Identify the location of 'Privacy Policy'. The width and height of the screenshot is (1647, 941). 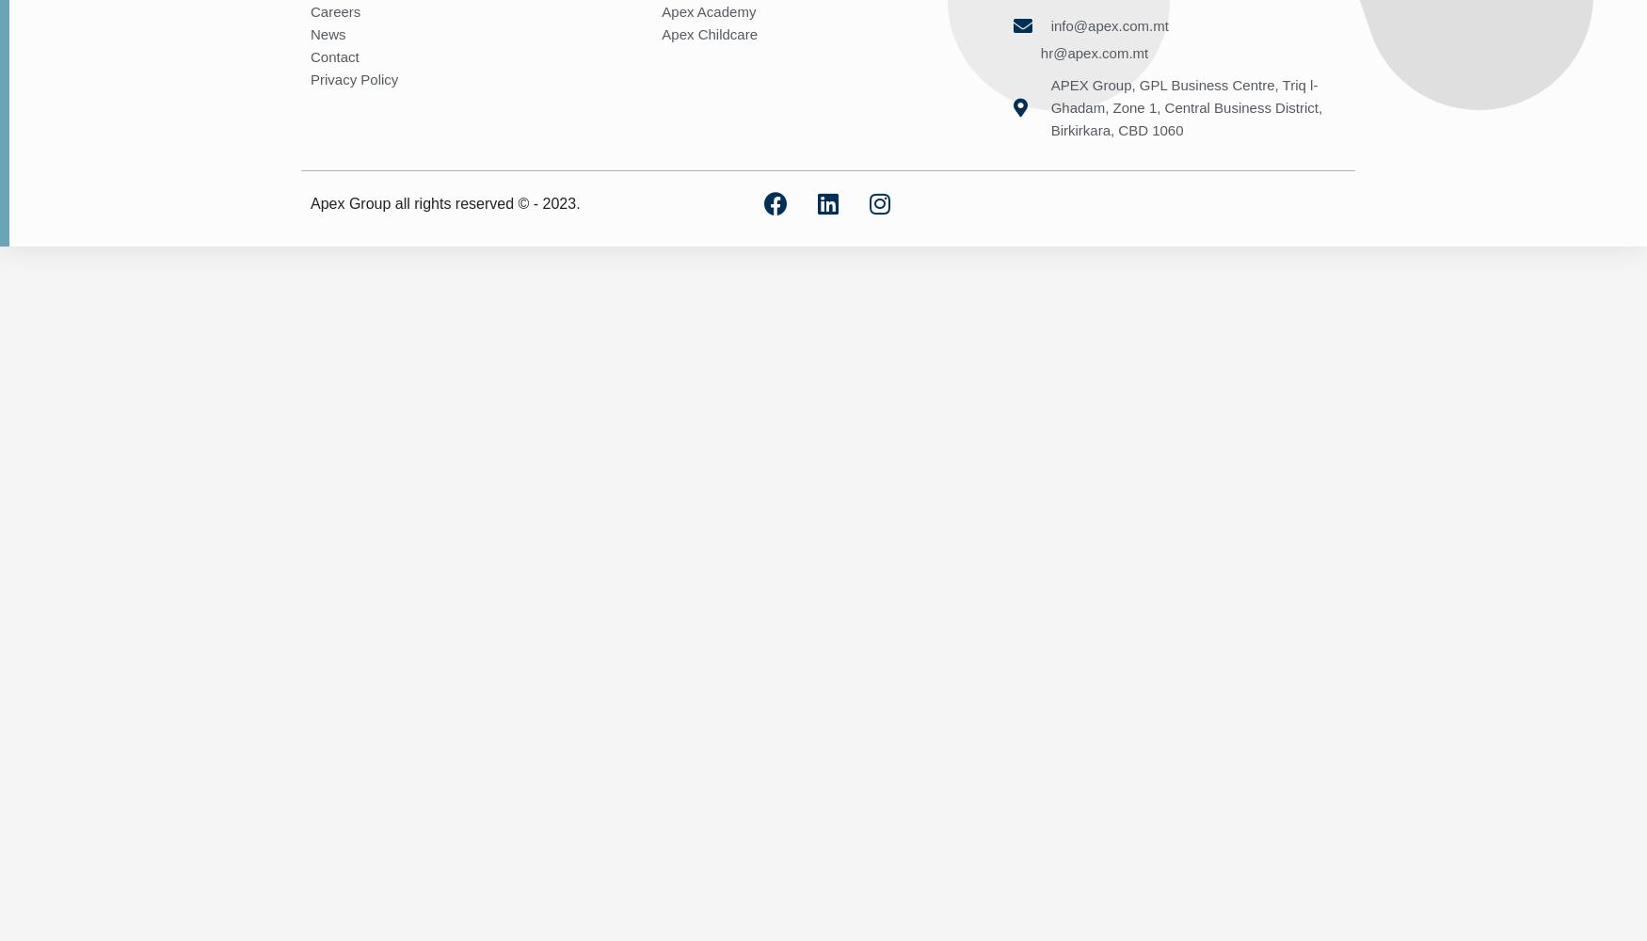
(353, 77).